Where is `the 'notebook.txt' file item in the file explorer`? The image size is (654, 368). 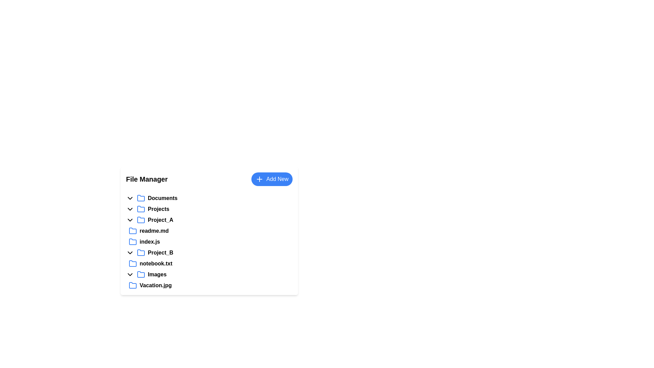 the 'notebook.txt' file item in the file explorer is located at coordinates (209, 263).